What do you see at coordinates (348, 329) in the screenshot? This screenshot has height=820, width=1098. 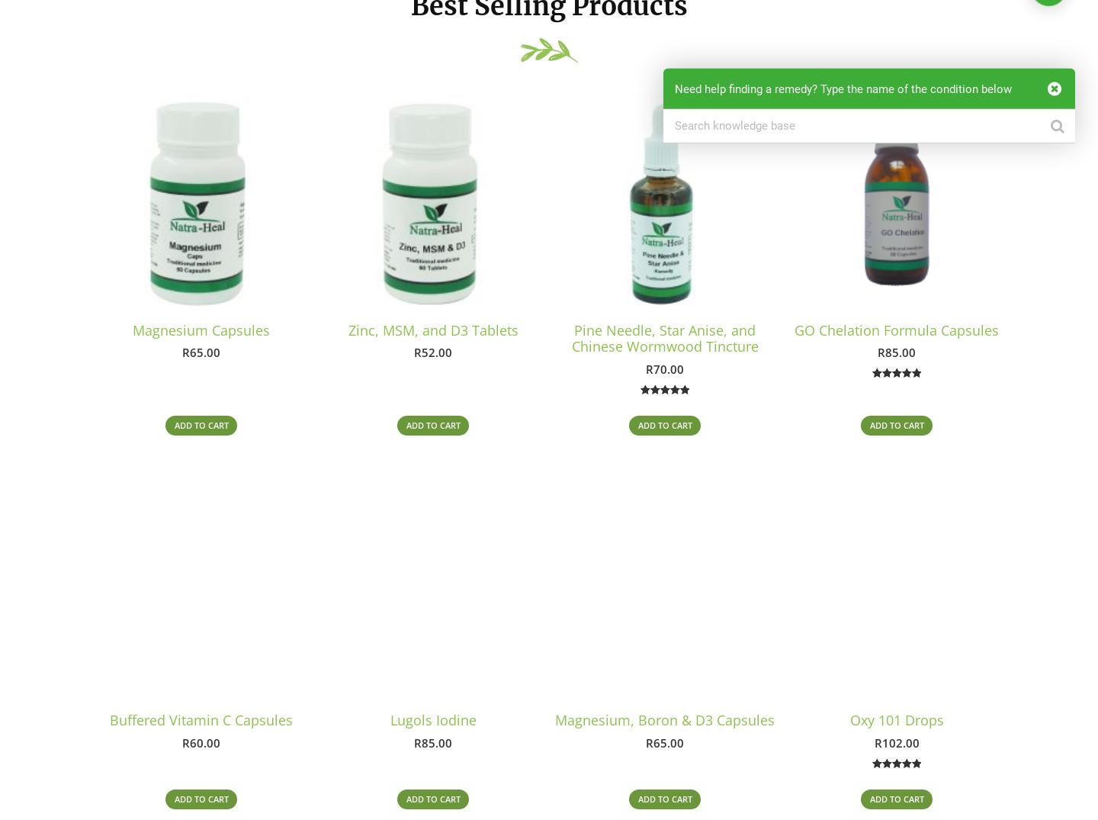 I see `'Zinc, MSM, and D3 Tablets'` at bounding box center [348, 329].